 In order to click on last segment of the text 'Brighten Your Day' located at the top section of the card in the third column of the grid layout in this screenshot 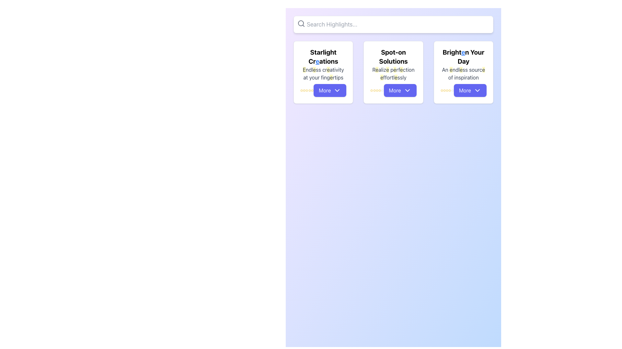, I will do `click(471, 56)`.